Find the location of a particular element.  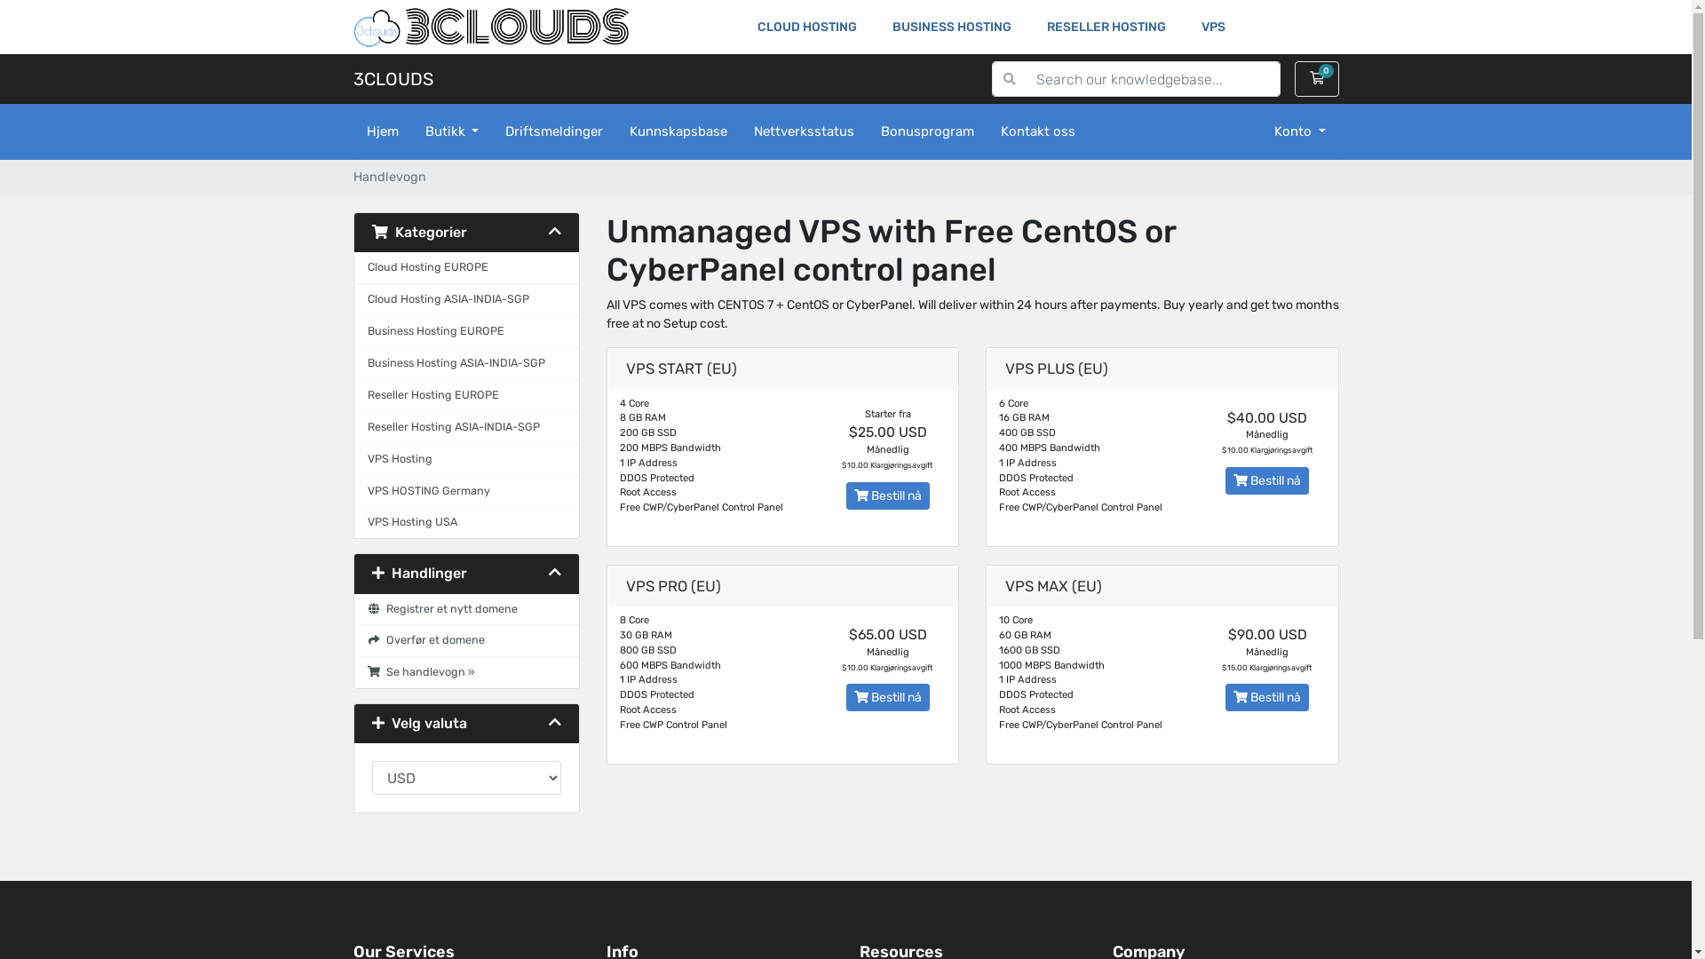

'Driftsmeldinger' is located at coordinates (553, 131).